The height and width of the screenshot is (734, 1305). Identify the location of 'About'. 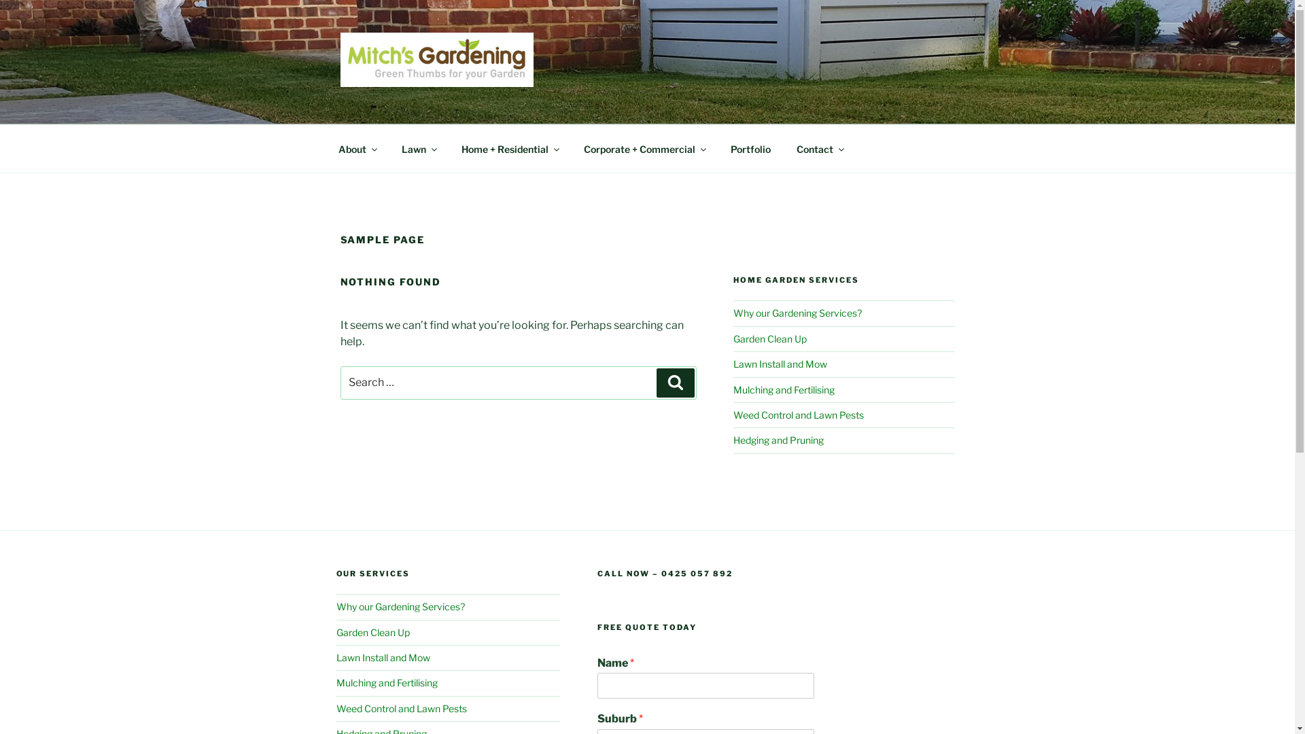
(326, 148).